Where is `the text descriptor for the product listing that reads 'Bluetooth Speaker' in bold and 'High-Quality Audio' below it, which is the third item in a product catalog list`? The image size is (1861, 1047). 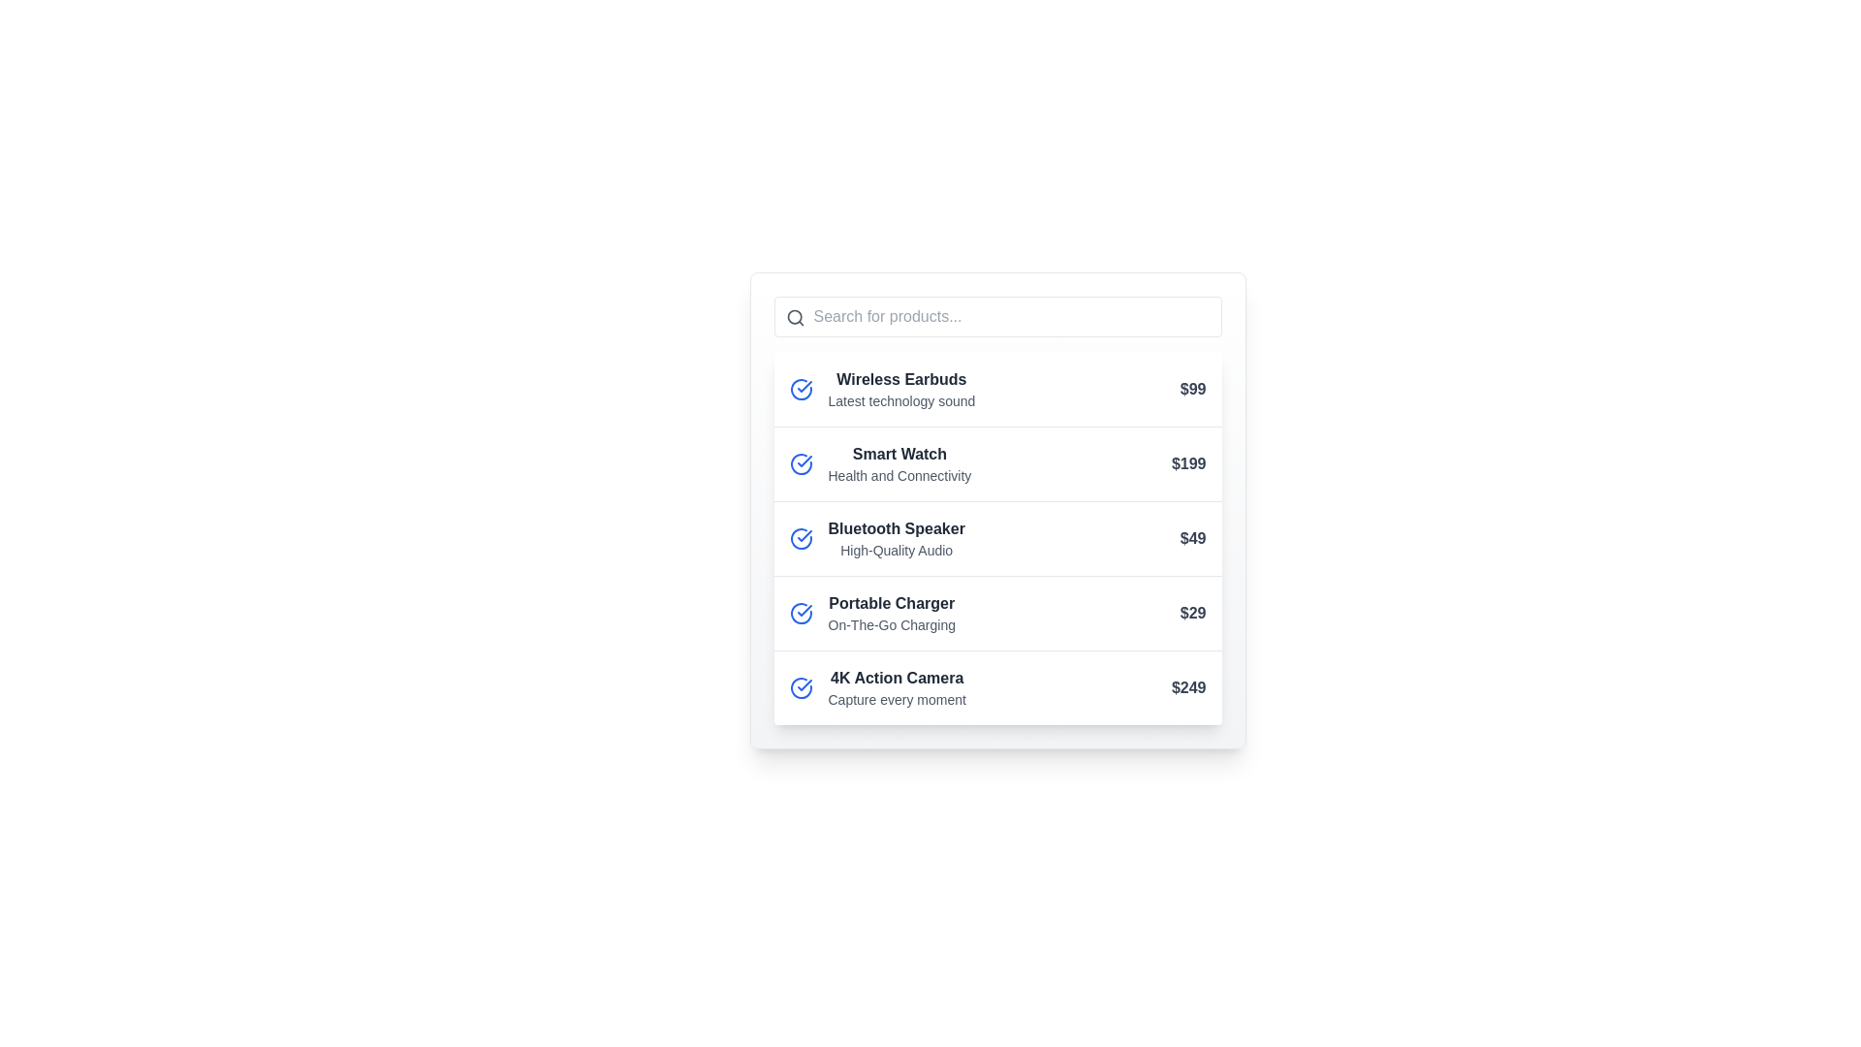 the text descriptor for the product listing that reads 'Bluetooth Speaker' in bold and 'High-Quality Audio' below it, which is the third item in a product catalog list is located at coordinates (896, 538).